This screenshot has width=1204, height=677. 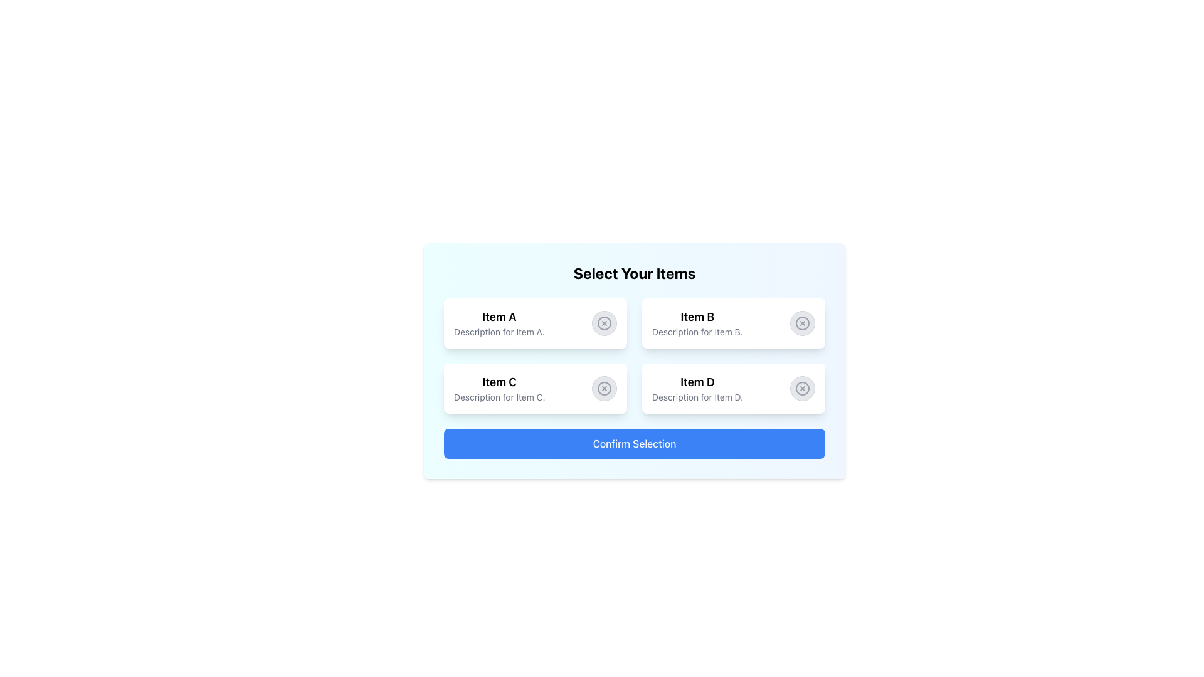 I want to click on the circular icon with a gray color scheme, featuring a cross in its center, located in the first row, second column of the item selection grid, so click(x=605, y=323).